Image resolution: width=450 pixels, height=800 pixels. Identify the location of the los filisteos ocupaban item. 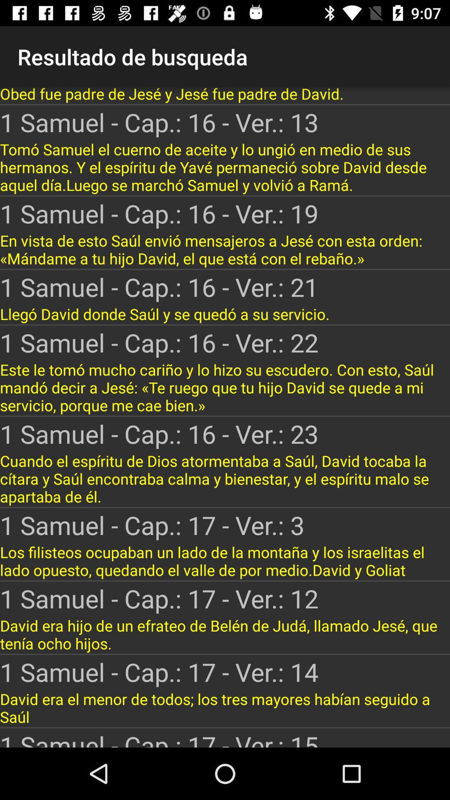
(225, 561).